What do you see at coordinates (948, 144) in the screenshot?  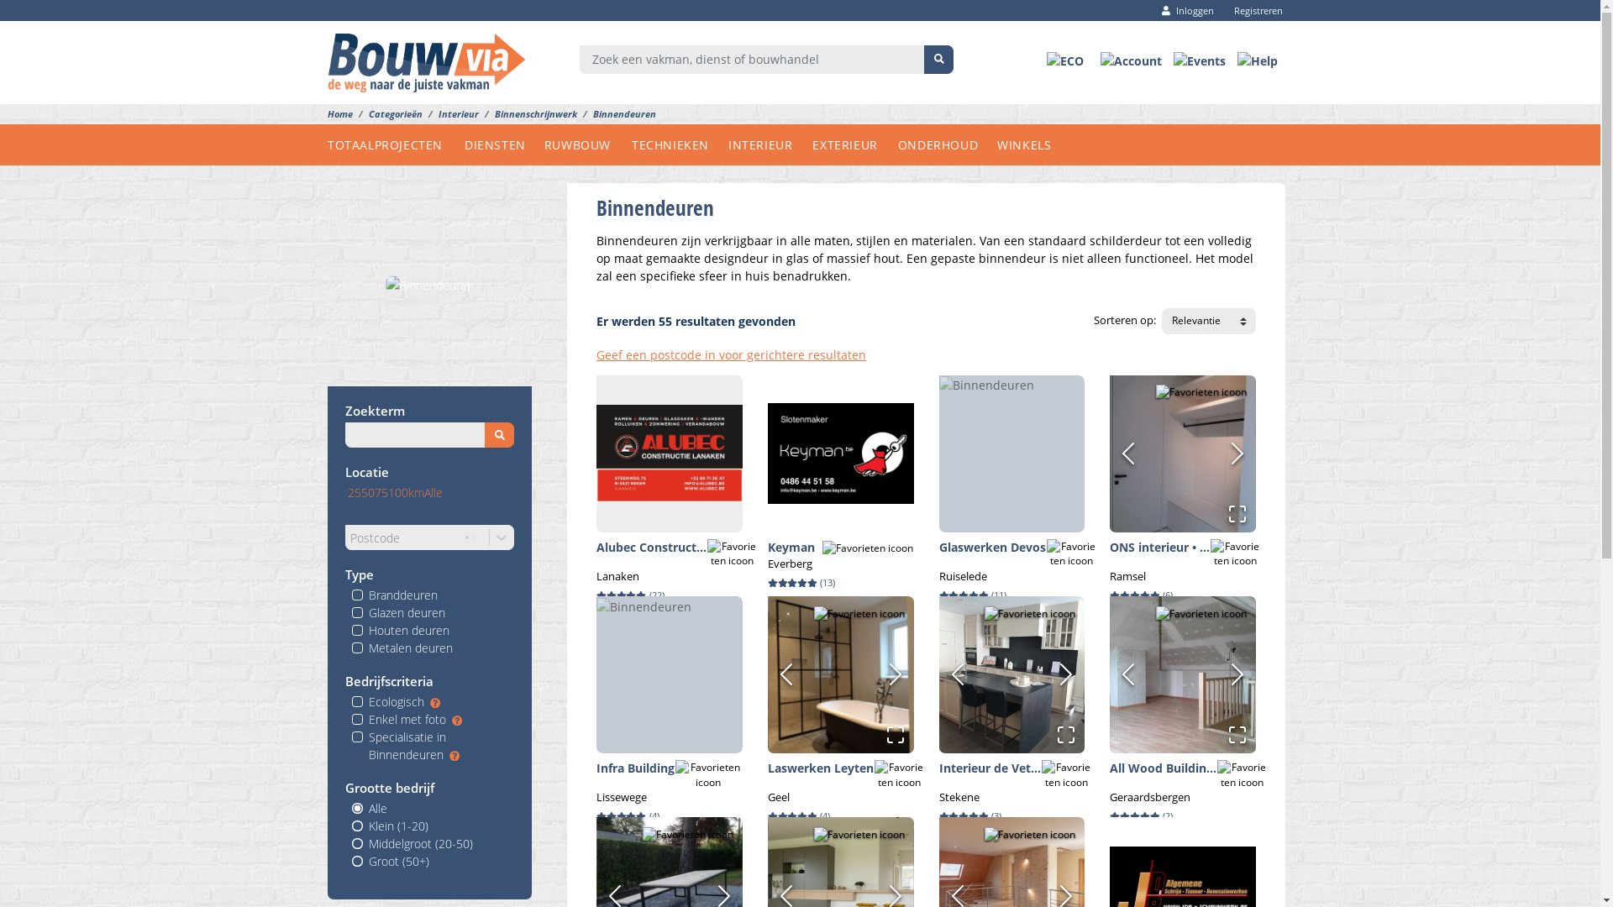 I see `'ONDERHOUD'` at bounding box center [948, 144].